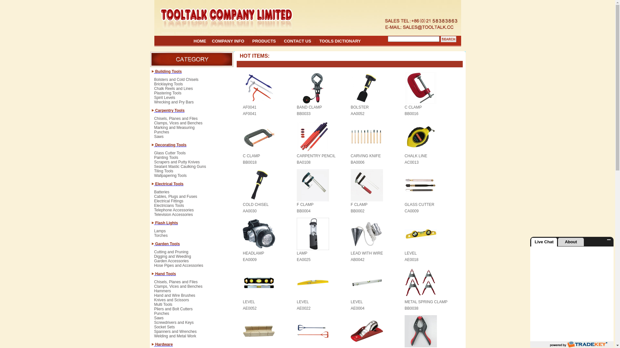 The image size is (620, 348). I want to click on 'Screwdrivers and Keys', so click(174, 324).